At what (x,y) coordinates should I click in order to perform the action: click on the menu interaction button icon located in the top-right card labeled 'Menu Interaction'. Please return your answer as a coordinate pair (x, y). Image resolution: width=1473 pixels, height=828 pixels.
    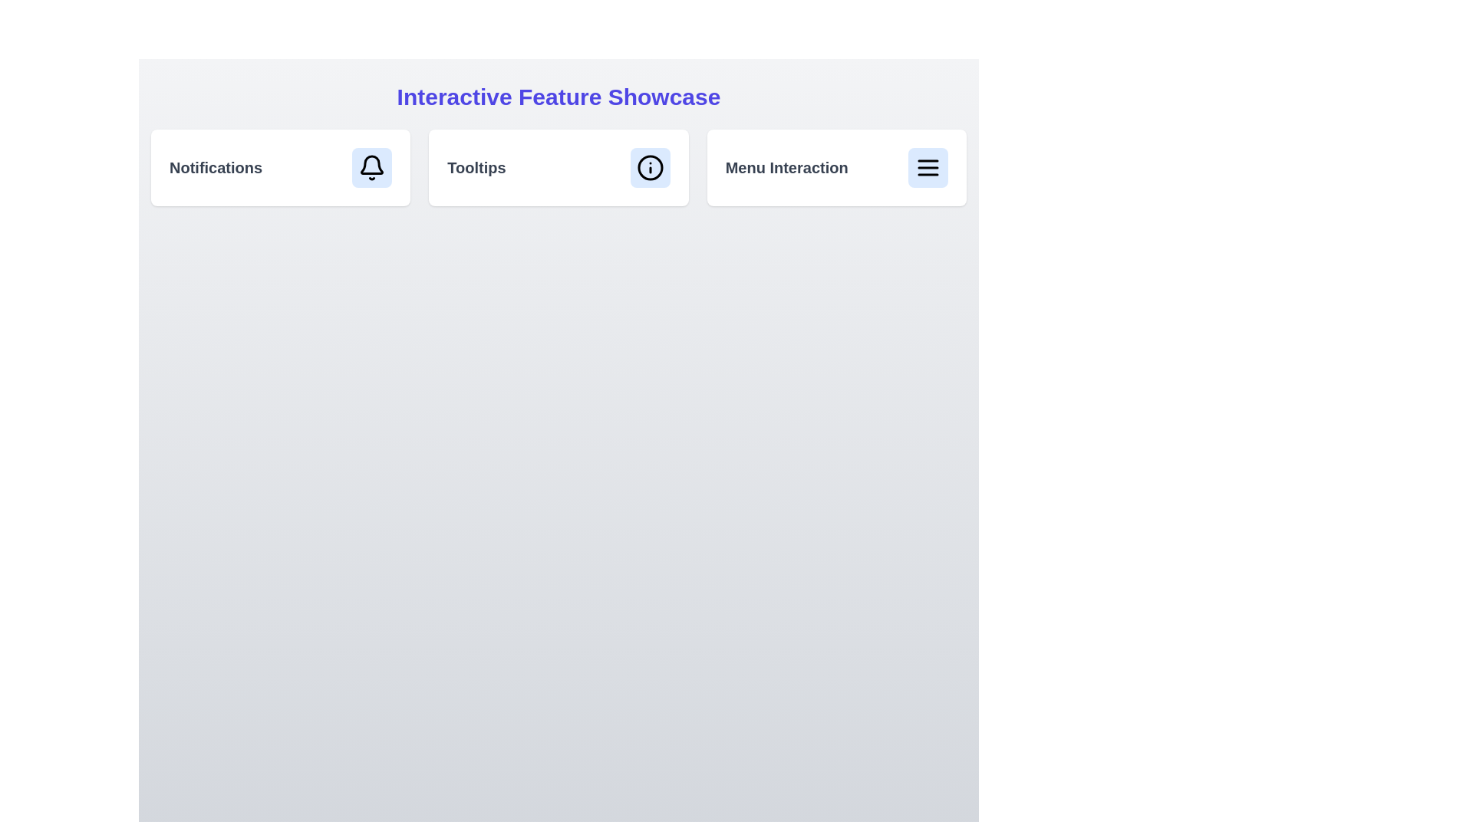
    Looking at the image, I should click on (927, 168).